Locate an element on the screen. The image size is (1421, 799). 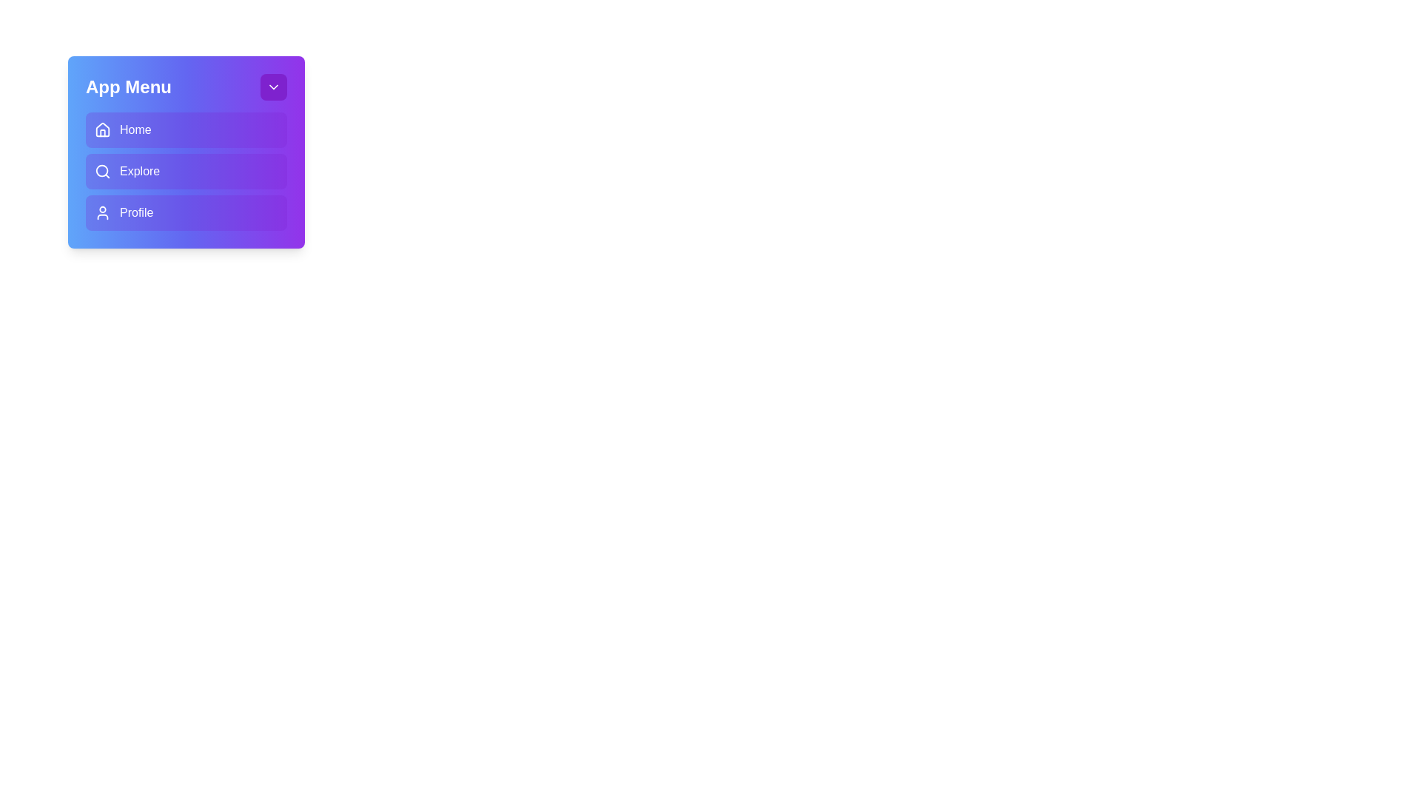
the 'App Menu' dropdown menu header is located at coordinates (186, 87).